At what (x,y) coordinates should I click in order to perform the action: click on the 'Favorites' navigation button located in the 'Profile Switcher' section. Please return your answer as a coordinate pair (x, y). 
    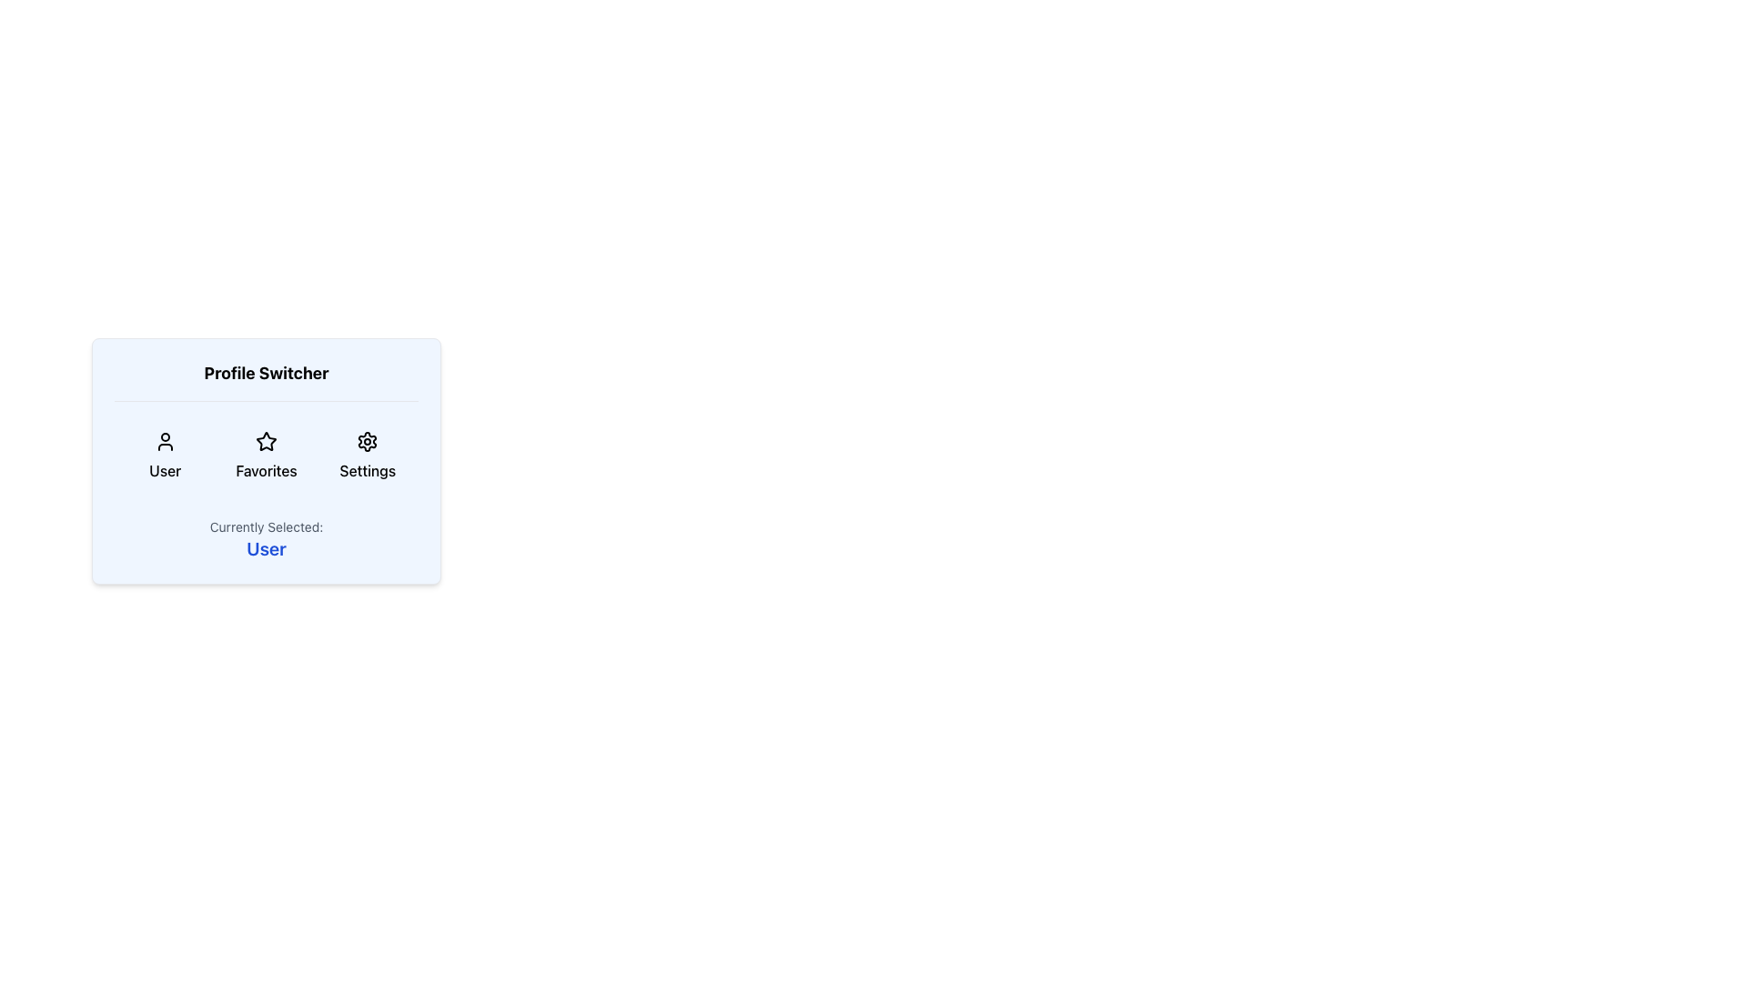
    Looking at the image, I should click on (265, 455).